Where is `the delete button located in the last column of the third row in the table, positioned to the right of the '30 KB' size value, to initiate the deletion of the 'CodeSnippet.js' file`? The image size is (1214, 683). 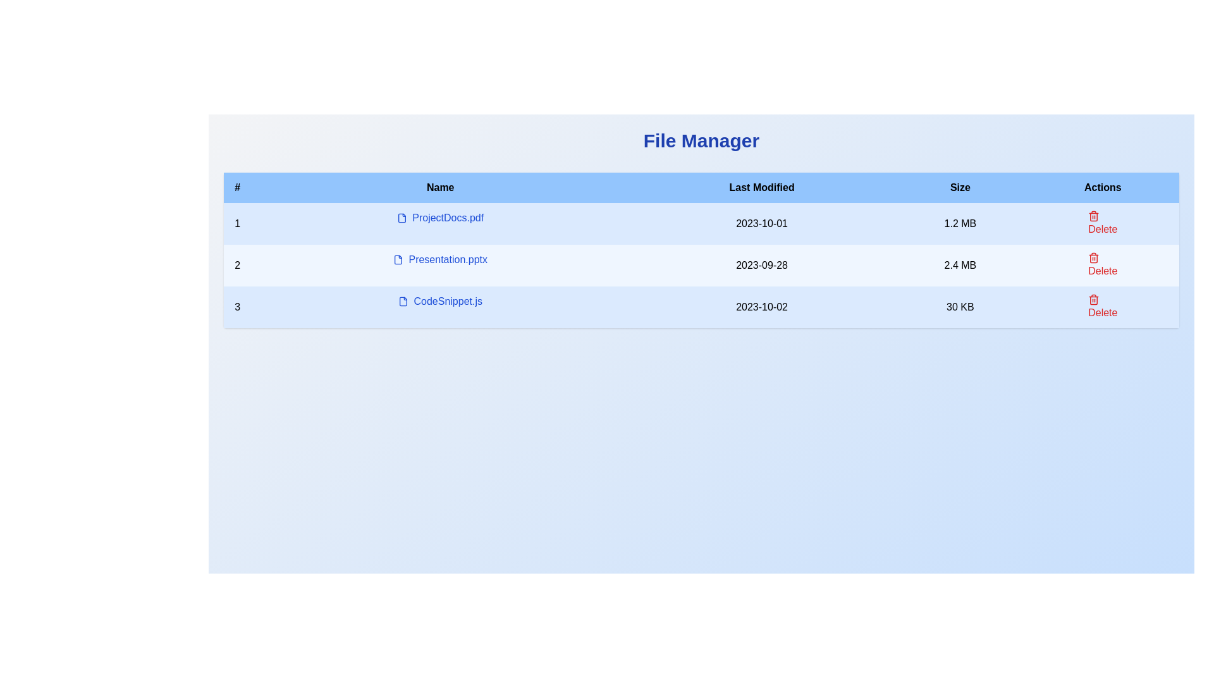 the delete button located in the last column of the third row in the table, positioned to the right of the '30 KB' size value, to initiate the deletion of the 'CodeSnippet.js' file is located at coordinates (1102, 307).